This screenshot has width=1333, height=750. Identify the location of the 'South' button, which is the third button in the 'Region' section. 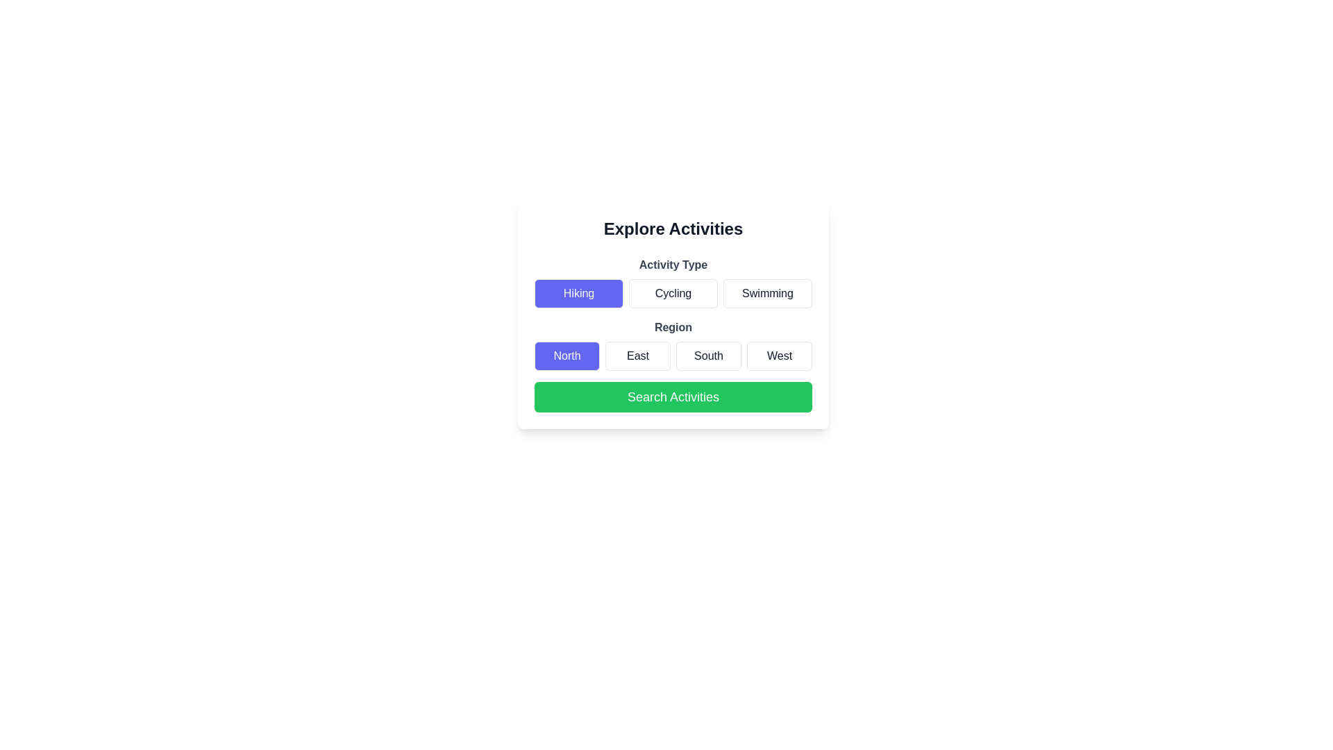
(709, 356).